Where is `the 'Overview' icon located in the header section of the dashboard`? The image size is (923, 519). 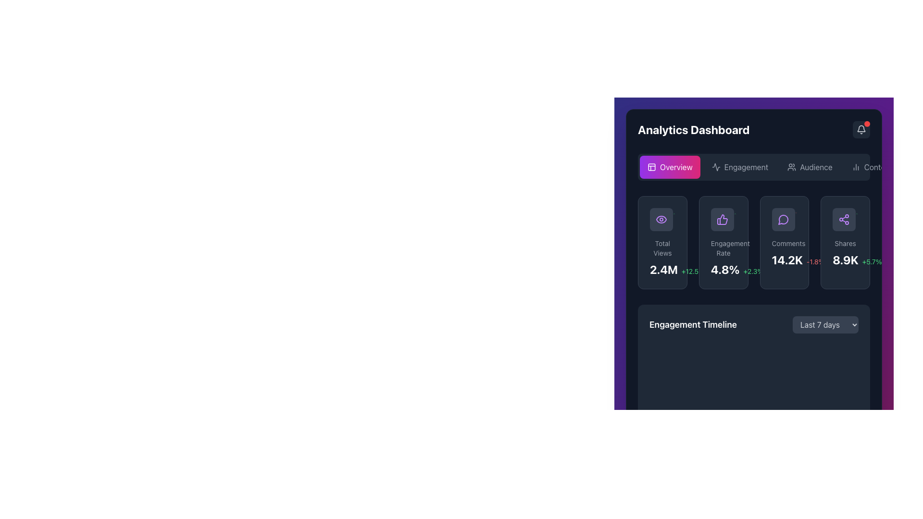
the 'Overview' icon located in the header section of the dashboard is located at coordinates (652, 166).